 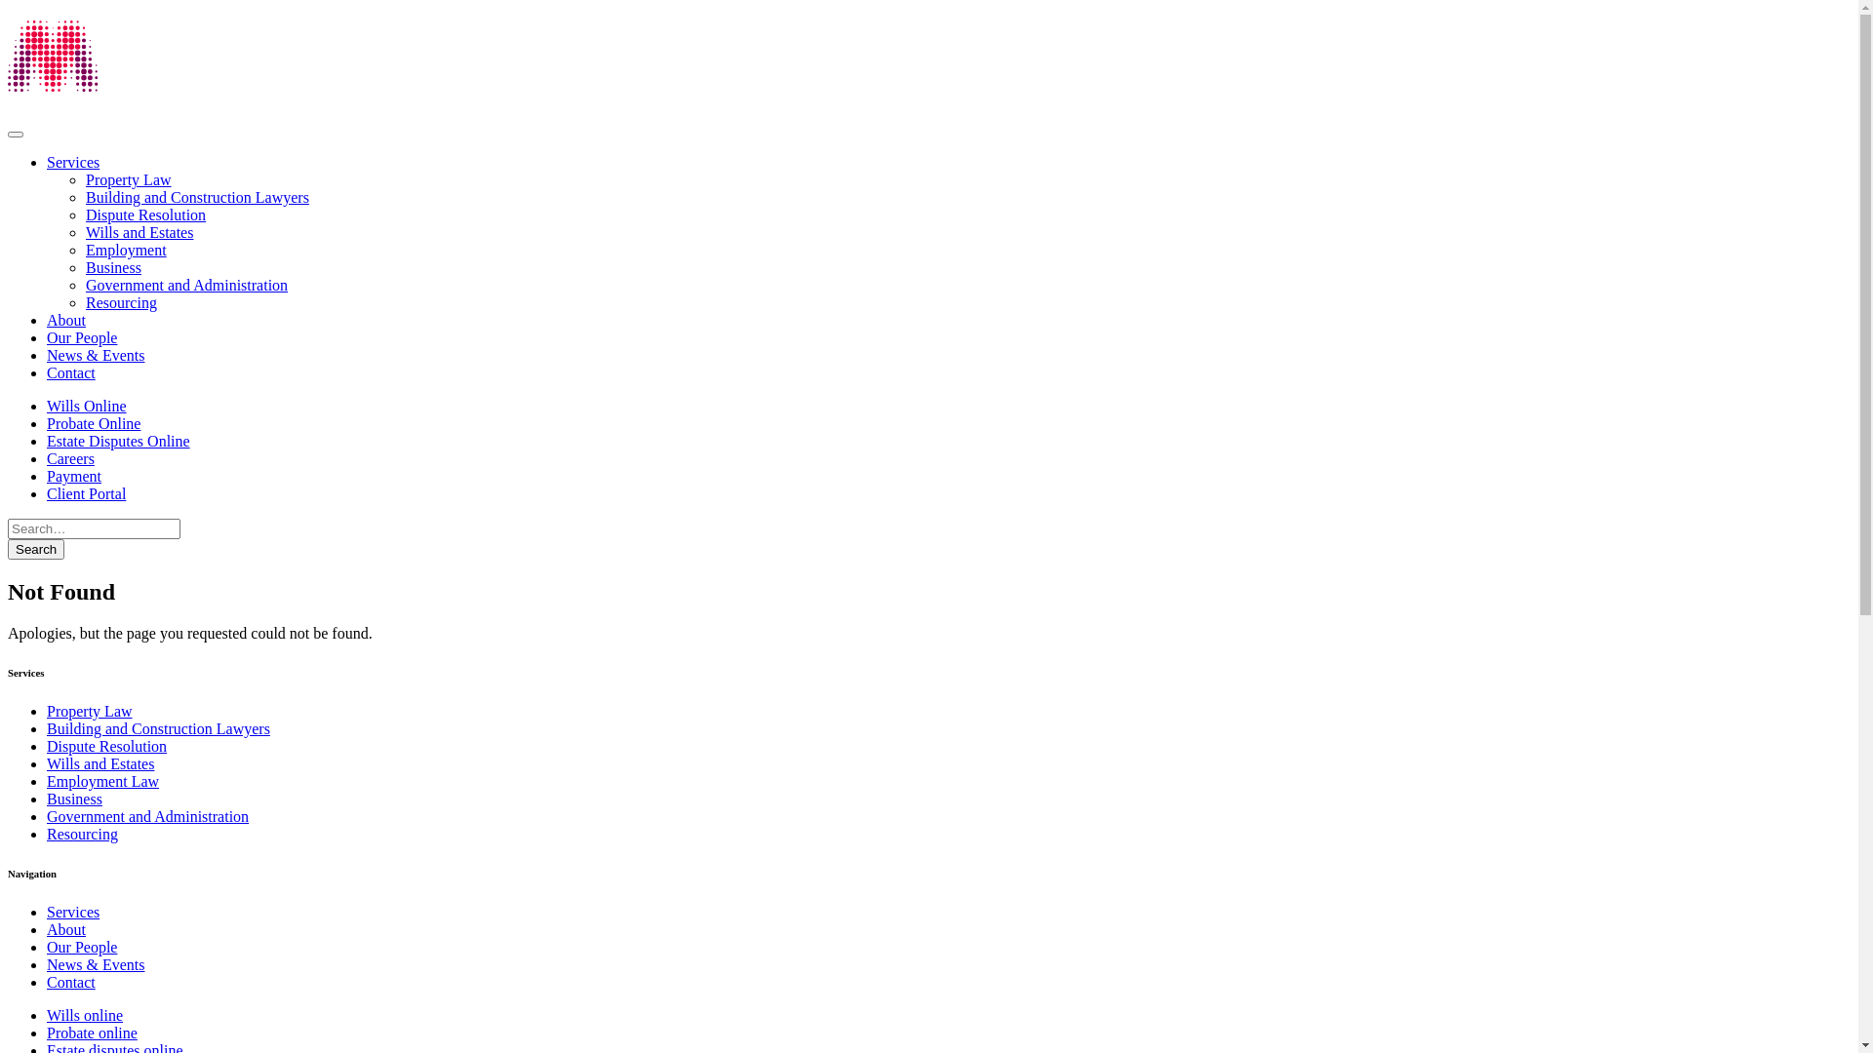 I want to click on 'Wills Online', so click(x=86, y=405).